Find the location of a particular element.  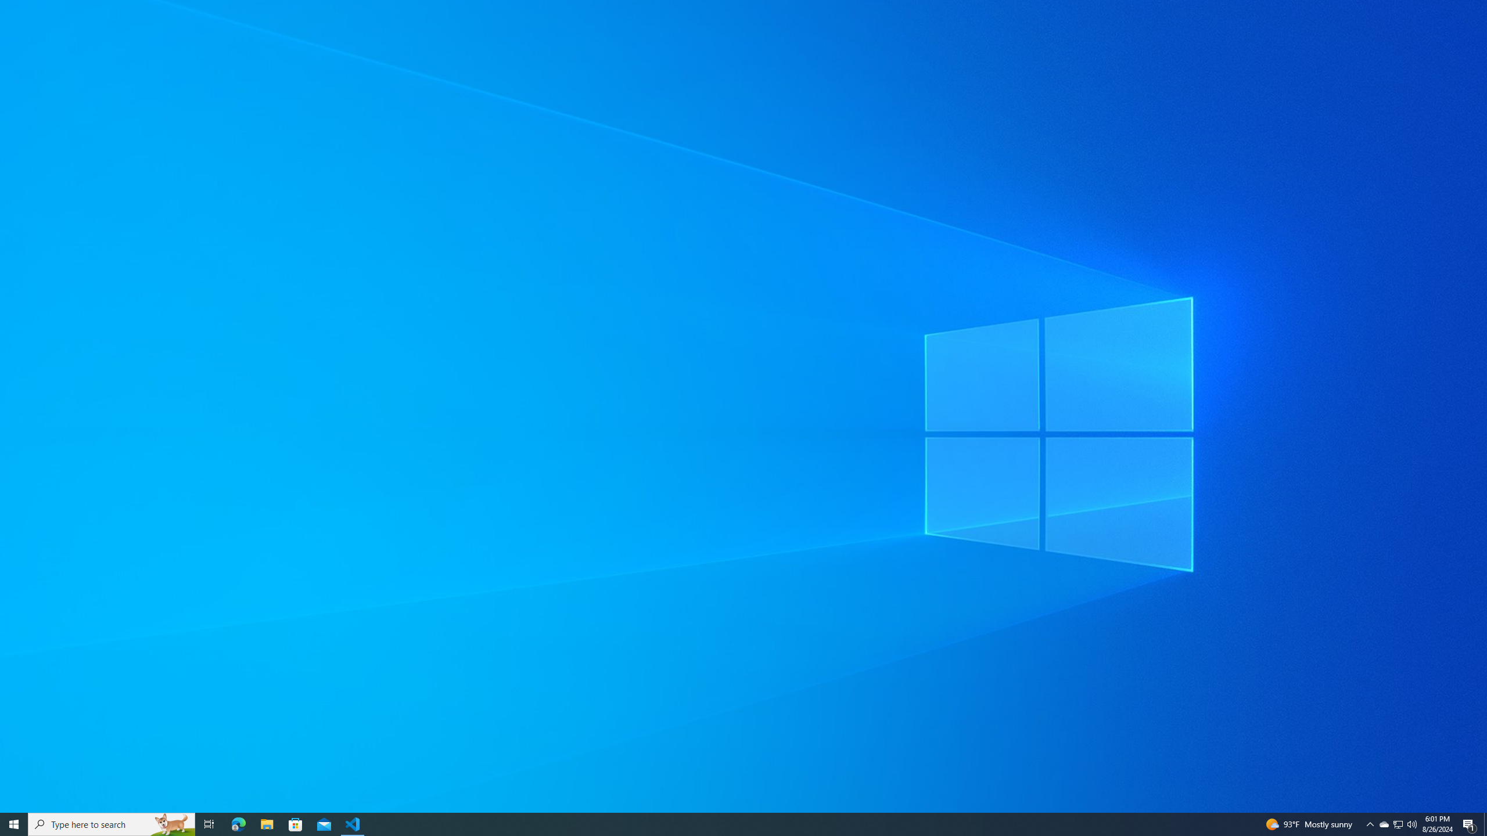

'Show desktop' is located at coordinates (1485, 823).